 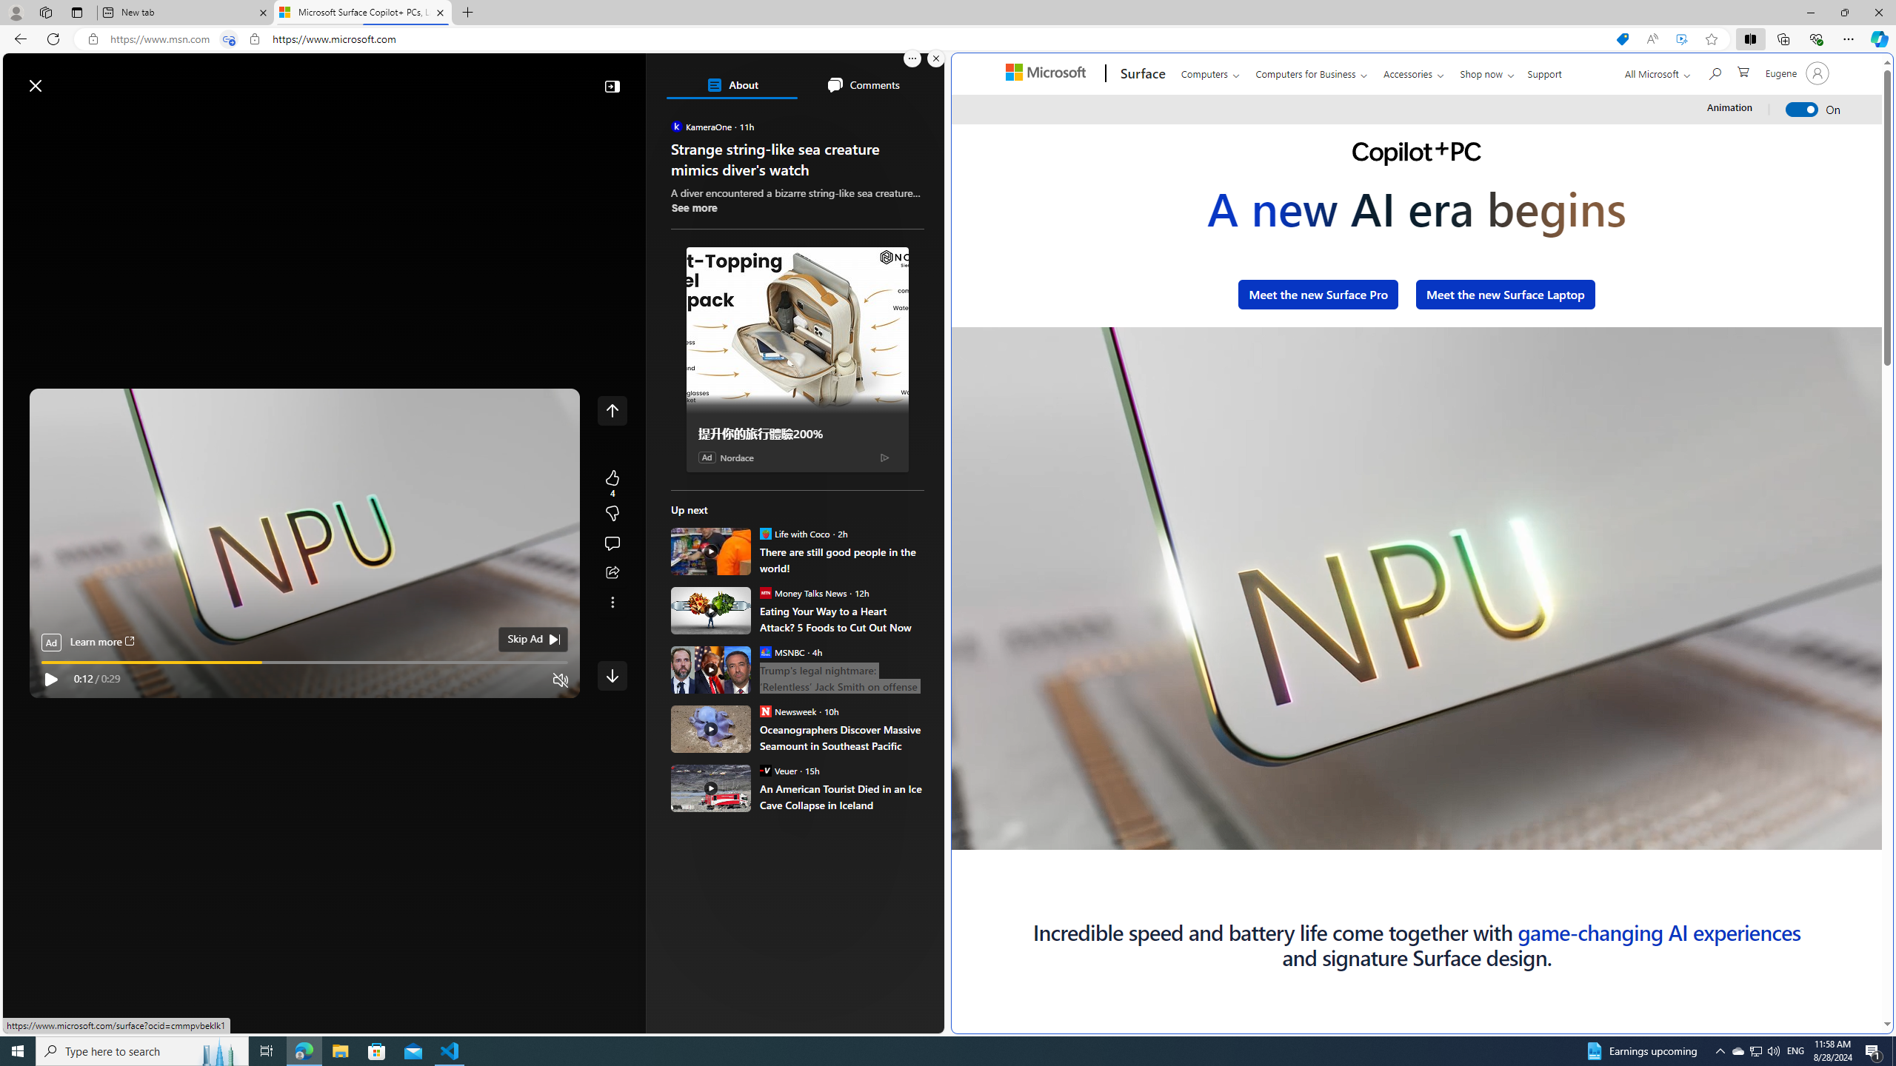 I want to click on 'There are still good people in the world!', so click(x=841, y=559).